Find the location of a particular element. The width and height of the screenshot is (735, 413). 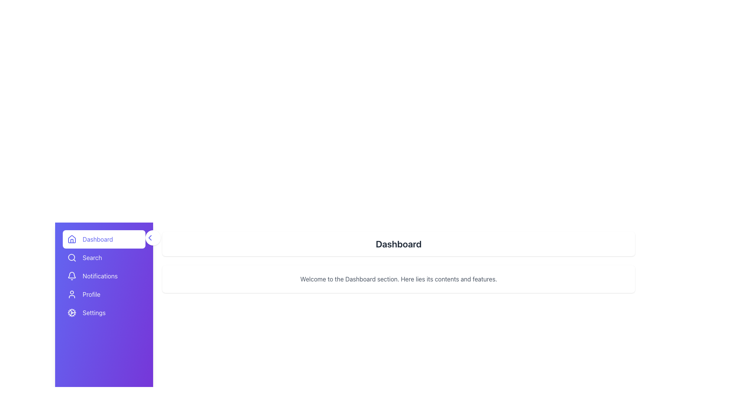

the notification icon located directly to the left of the 'Notifications' label in the navigation menu is located at coordinates (72, 276).